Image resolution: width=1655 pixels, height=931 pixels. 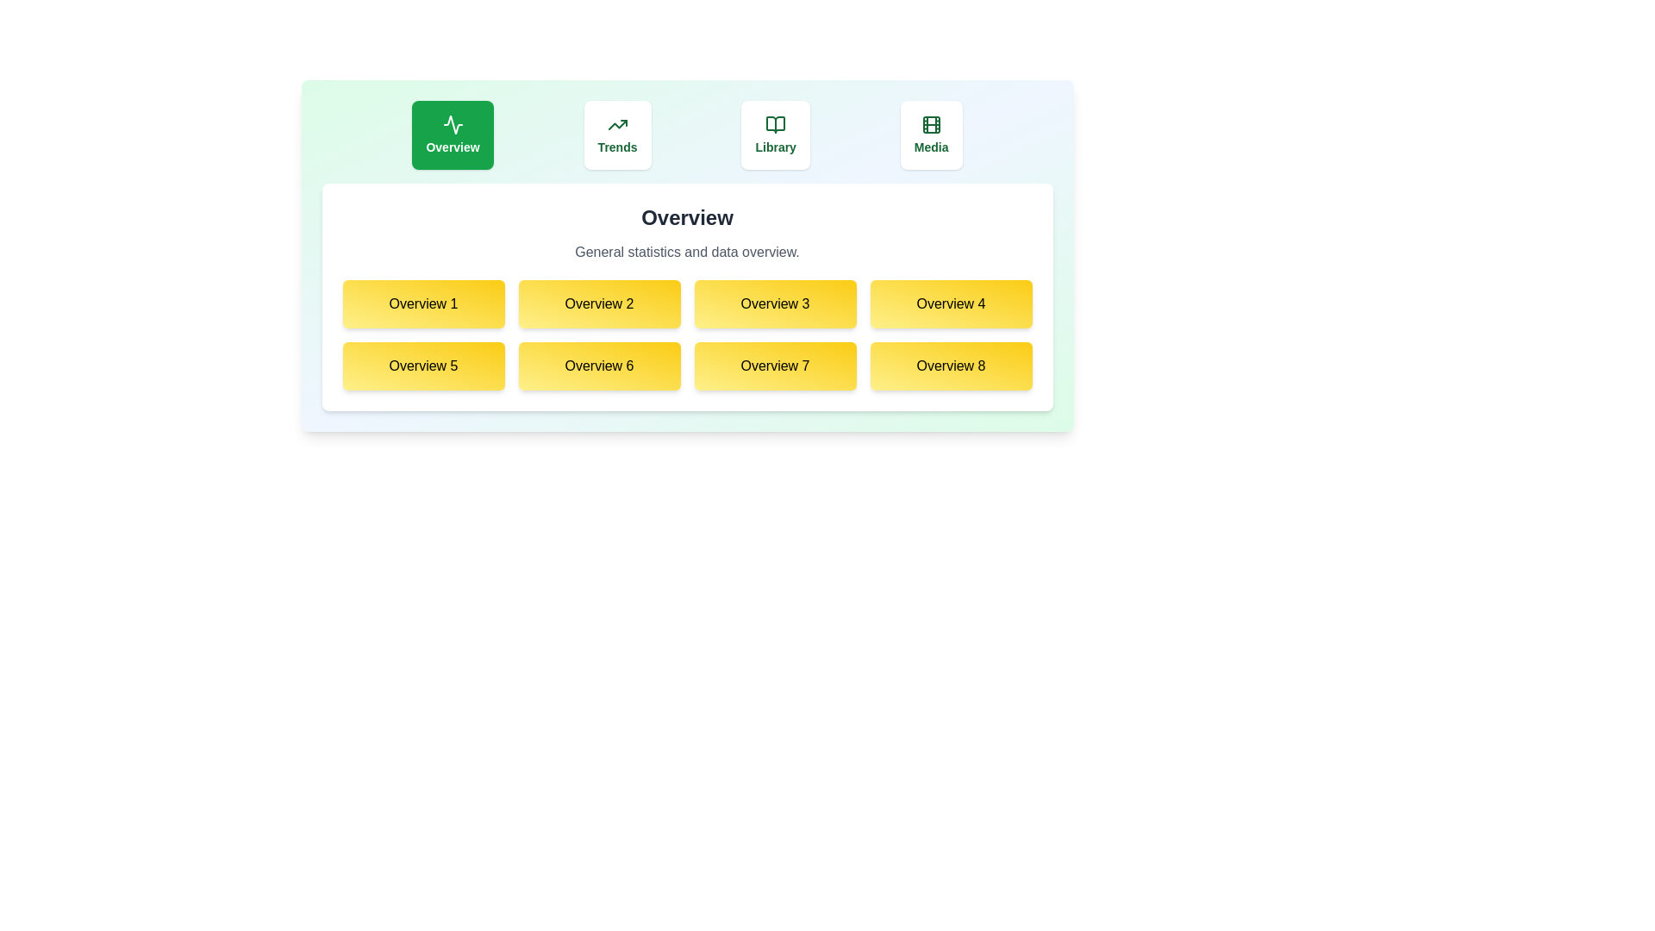 I want to click on the Trends tab by clicking on it, so click(x=617, y=134).